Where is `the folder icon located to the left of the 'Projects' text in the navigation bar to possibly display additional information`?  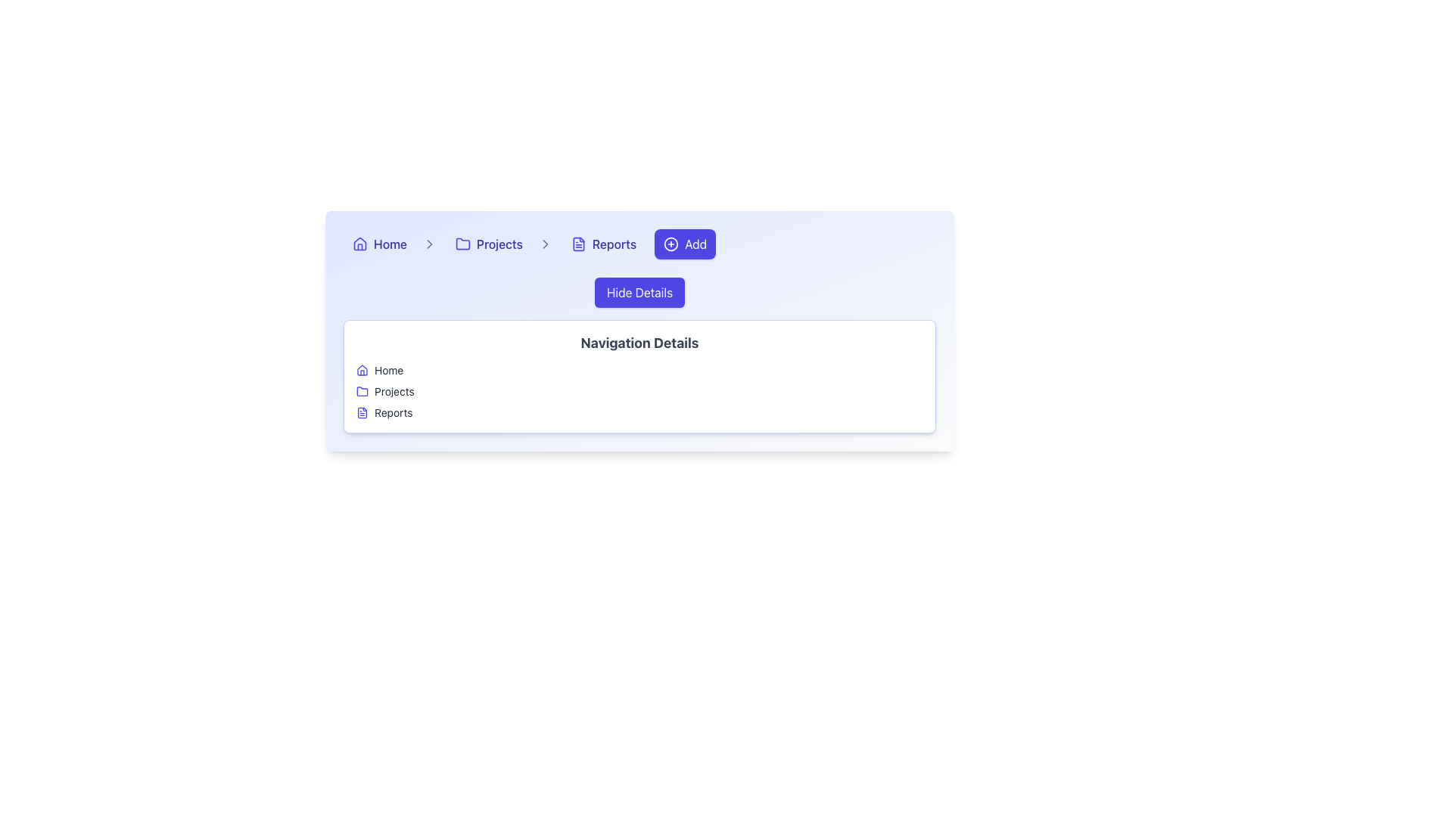
the folder icon located to the left of the 'Projects' text in the navigation bar to possibly display additional information is located at coordinates (462, 242).